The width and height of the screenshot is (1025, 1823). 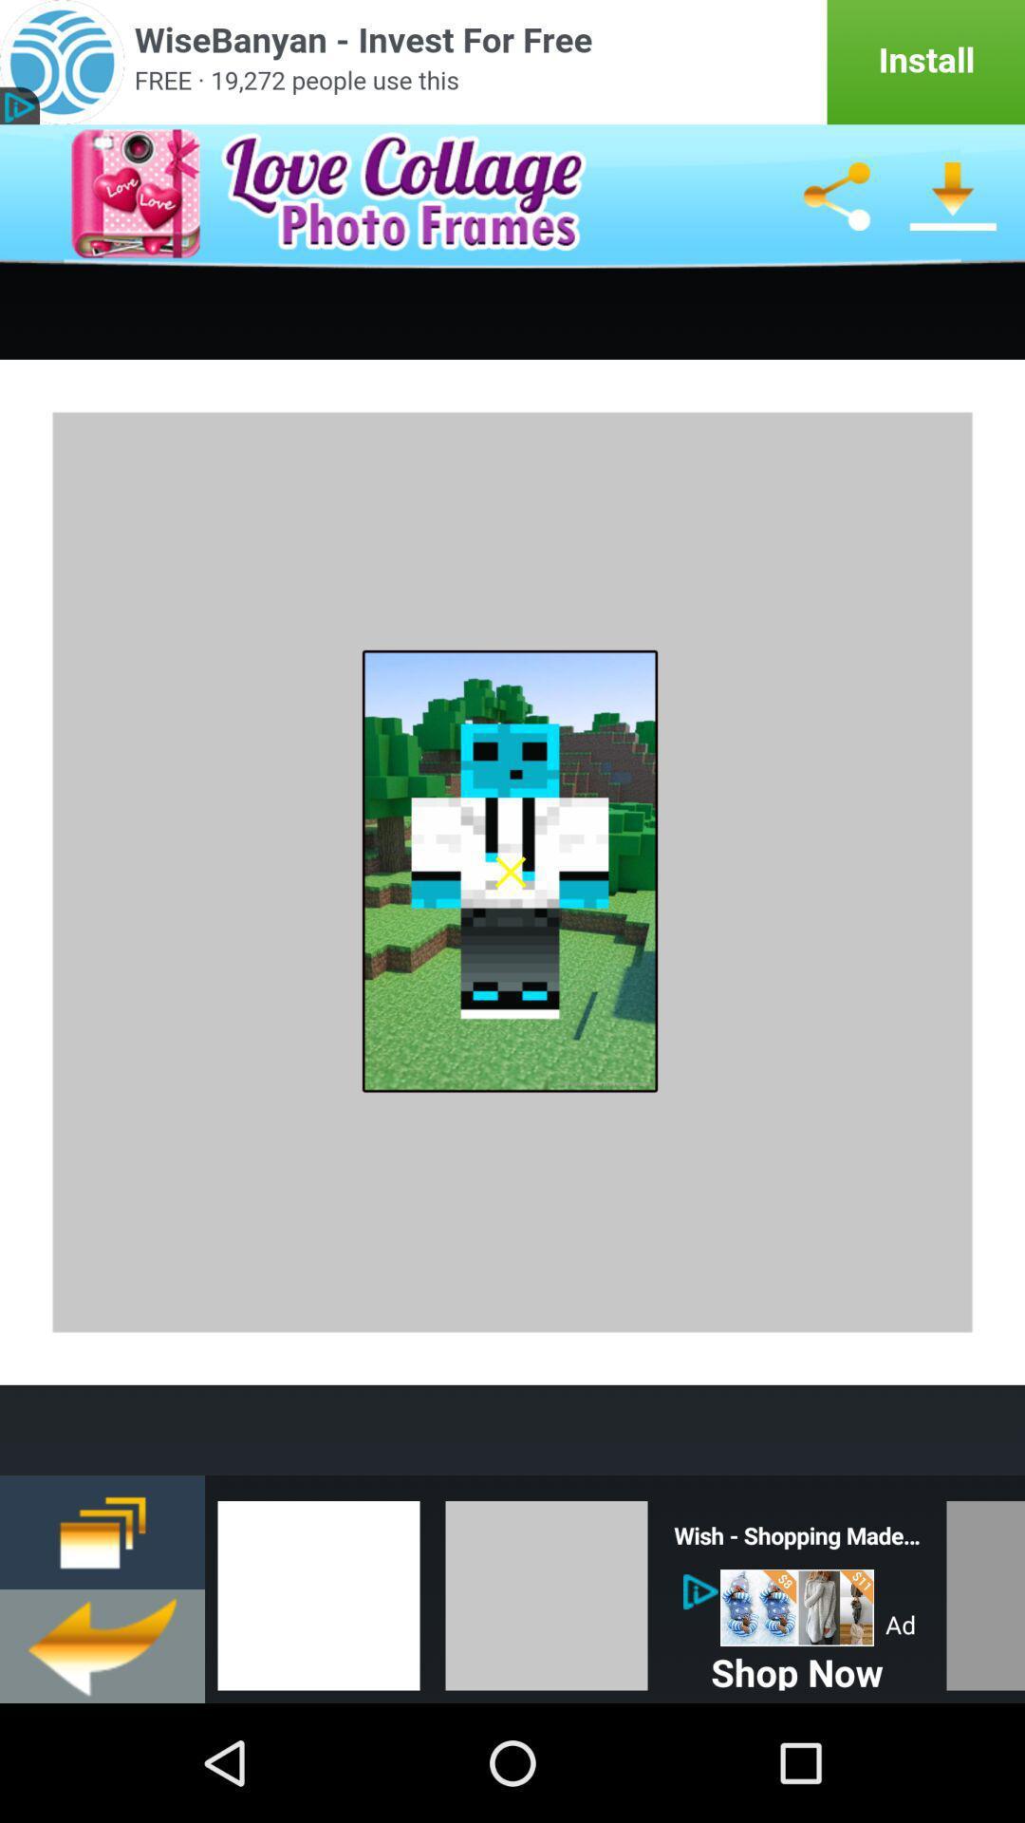 What do you see at coordinates (797, 1607) in the screenshot?
I see `press the advert` at bounding box center [797, 1607].